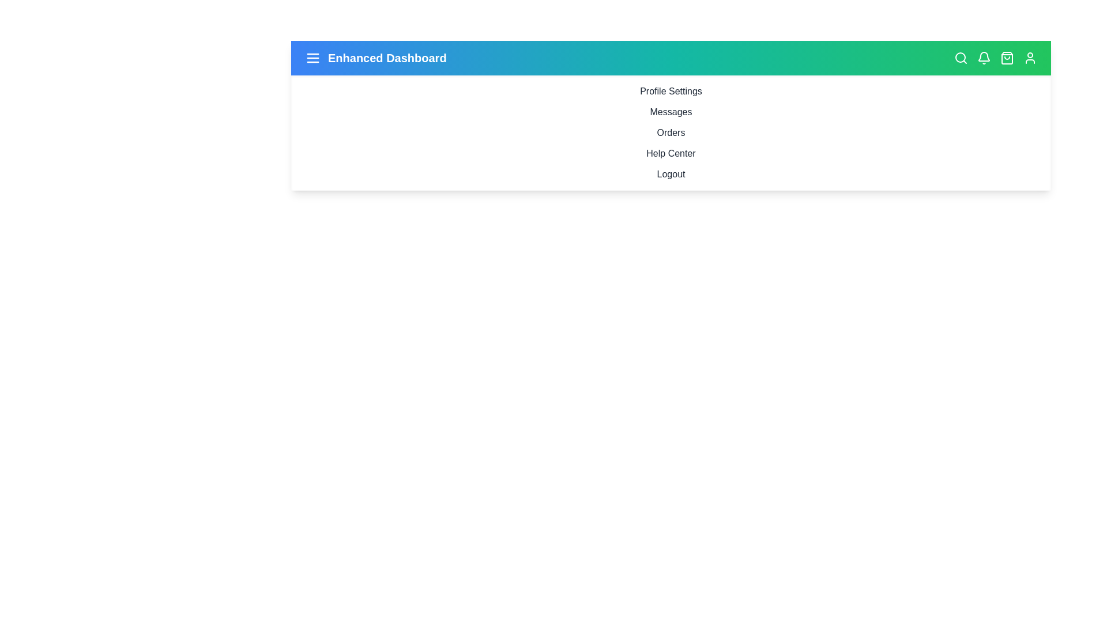  What do you see at coordinates (312, 58) in the screenshot?
I see `the menu icon to display its tooltip or visual feedback` at bounding box center [312, 58].